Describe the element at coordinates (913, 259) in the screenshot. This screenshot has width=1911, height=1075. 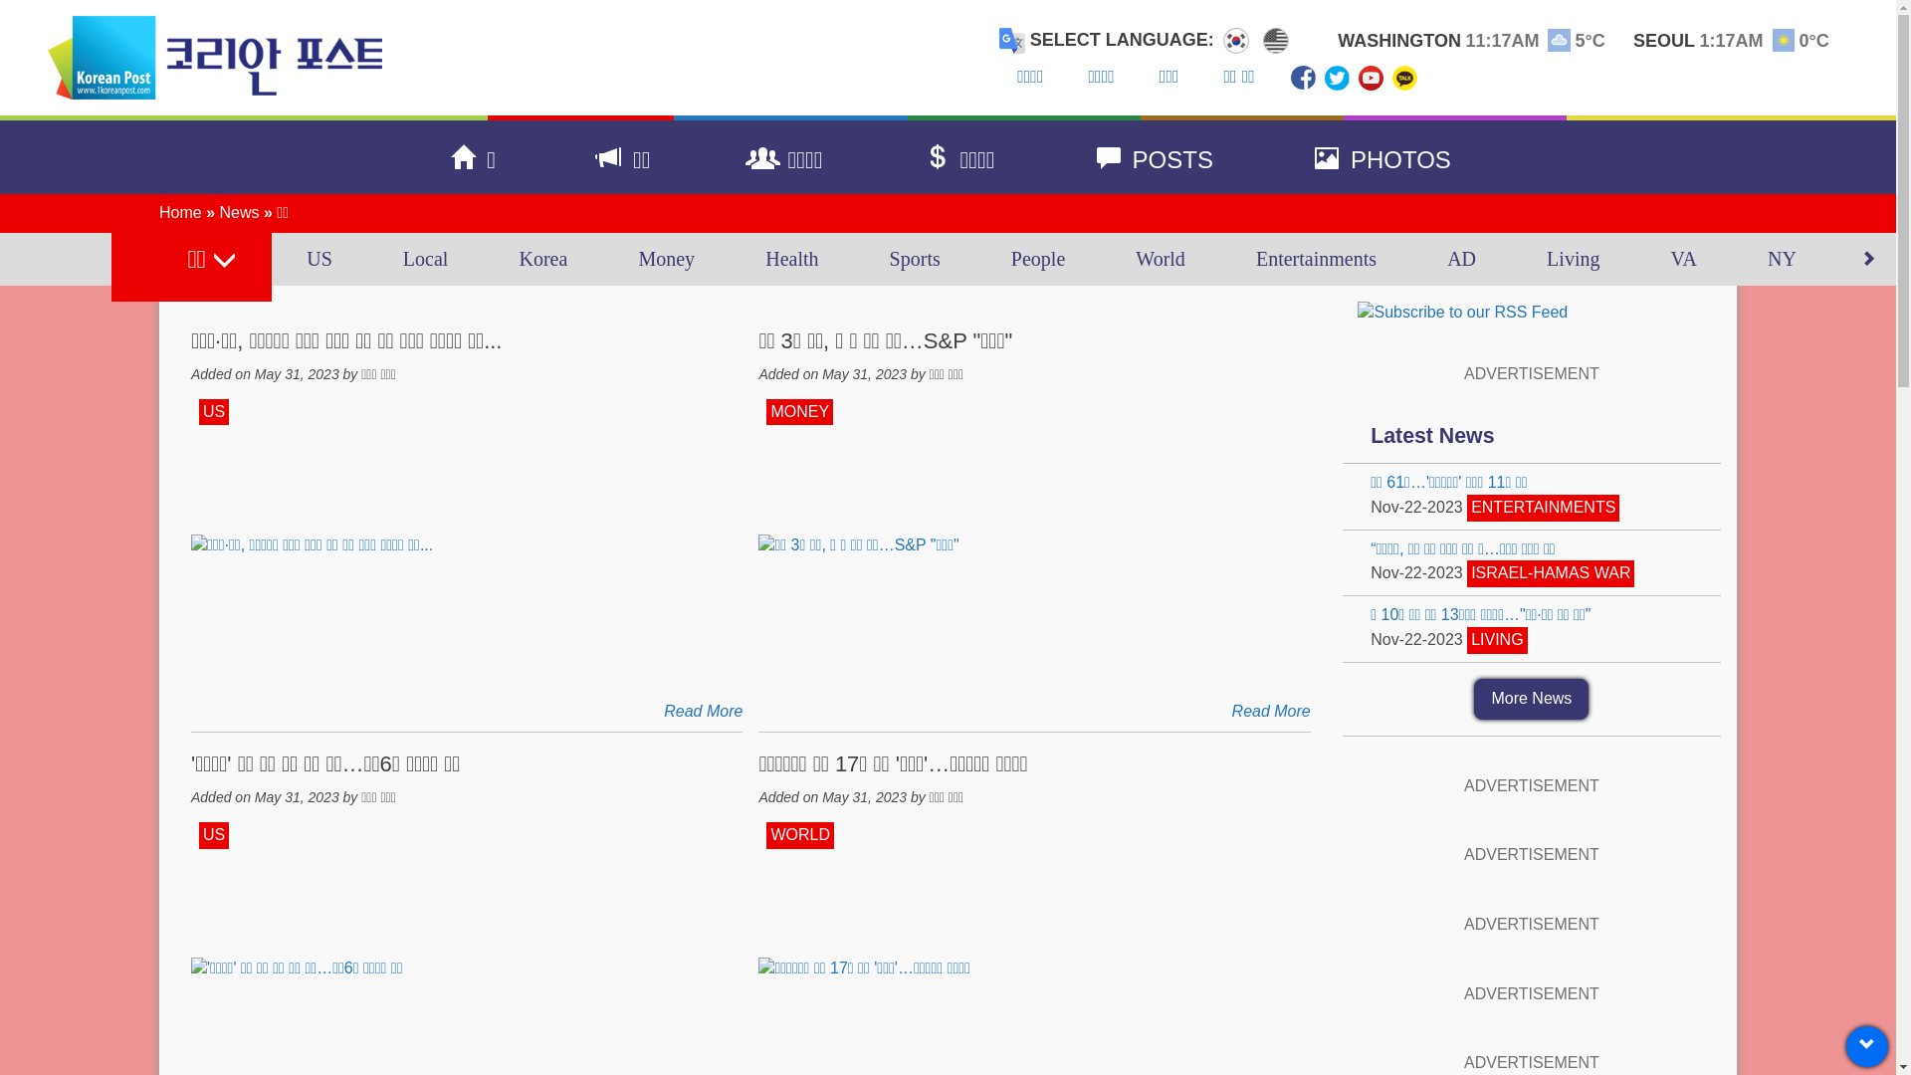
I see `'Sports'` at that location.